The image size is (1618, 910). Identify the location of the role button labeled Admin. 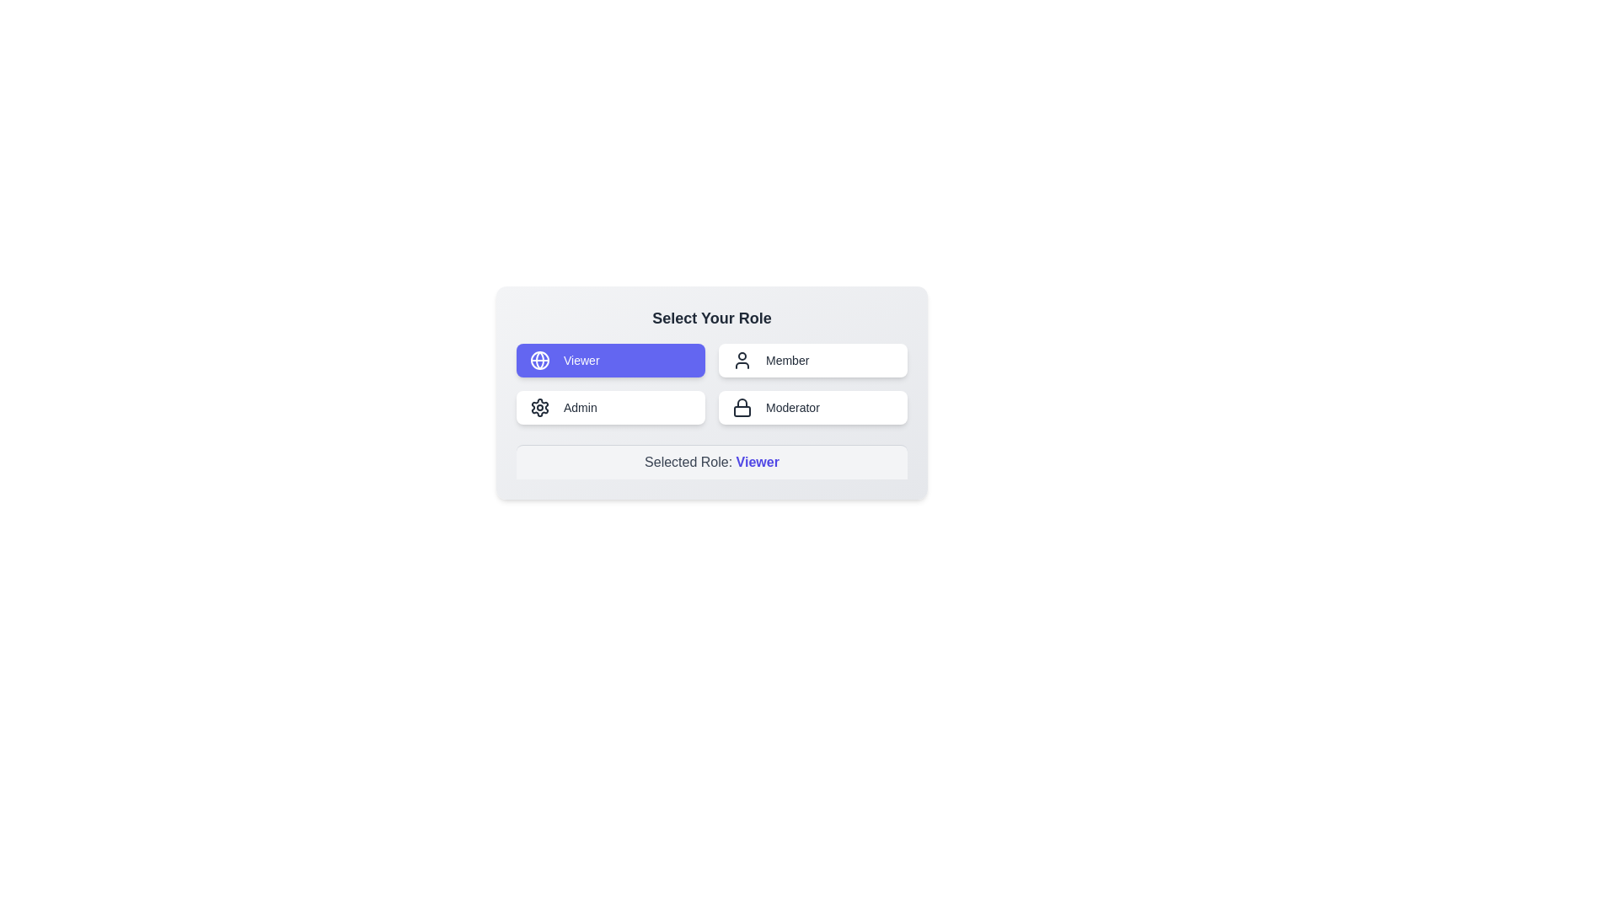
(609, 407).